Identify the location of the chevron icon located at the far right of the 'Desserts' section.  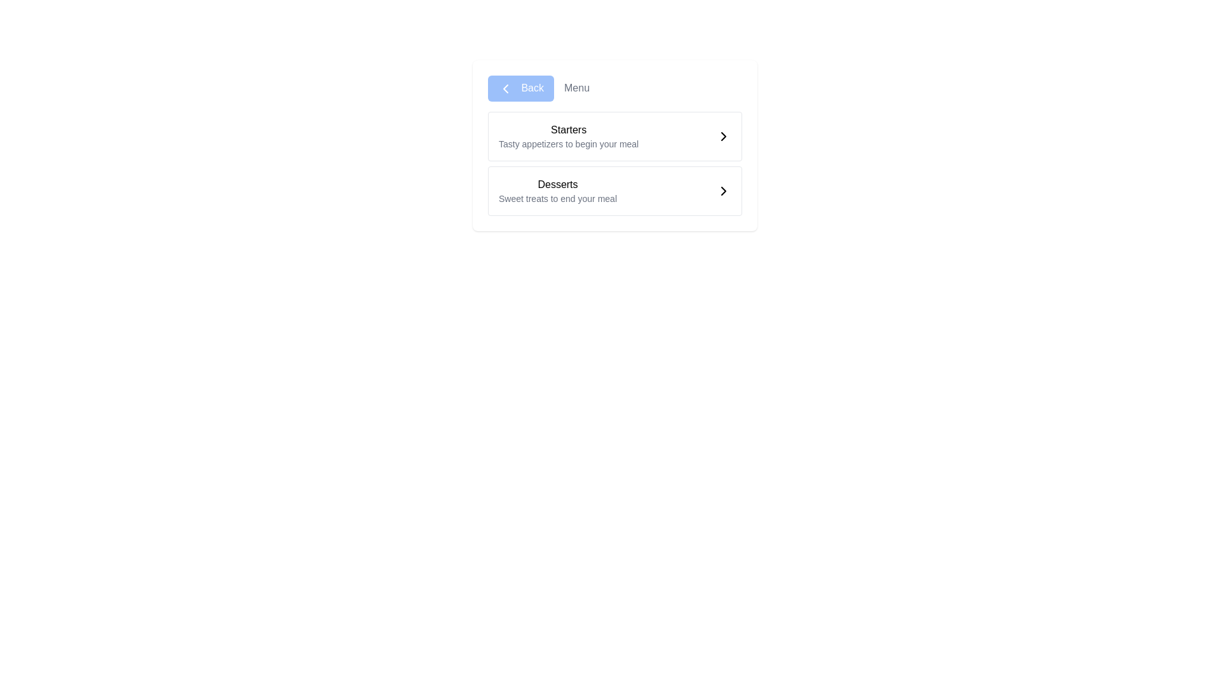
(723, 191).